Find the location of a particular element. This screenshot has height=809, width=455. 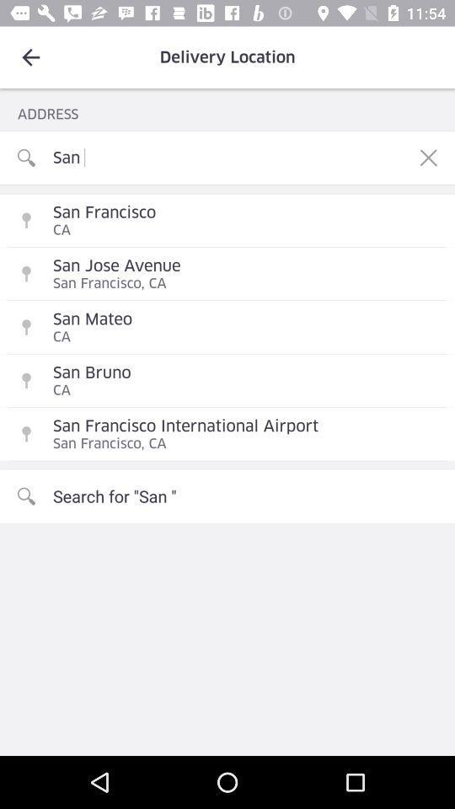

the icon next to the san  item is located at coordinates (428, 158).